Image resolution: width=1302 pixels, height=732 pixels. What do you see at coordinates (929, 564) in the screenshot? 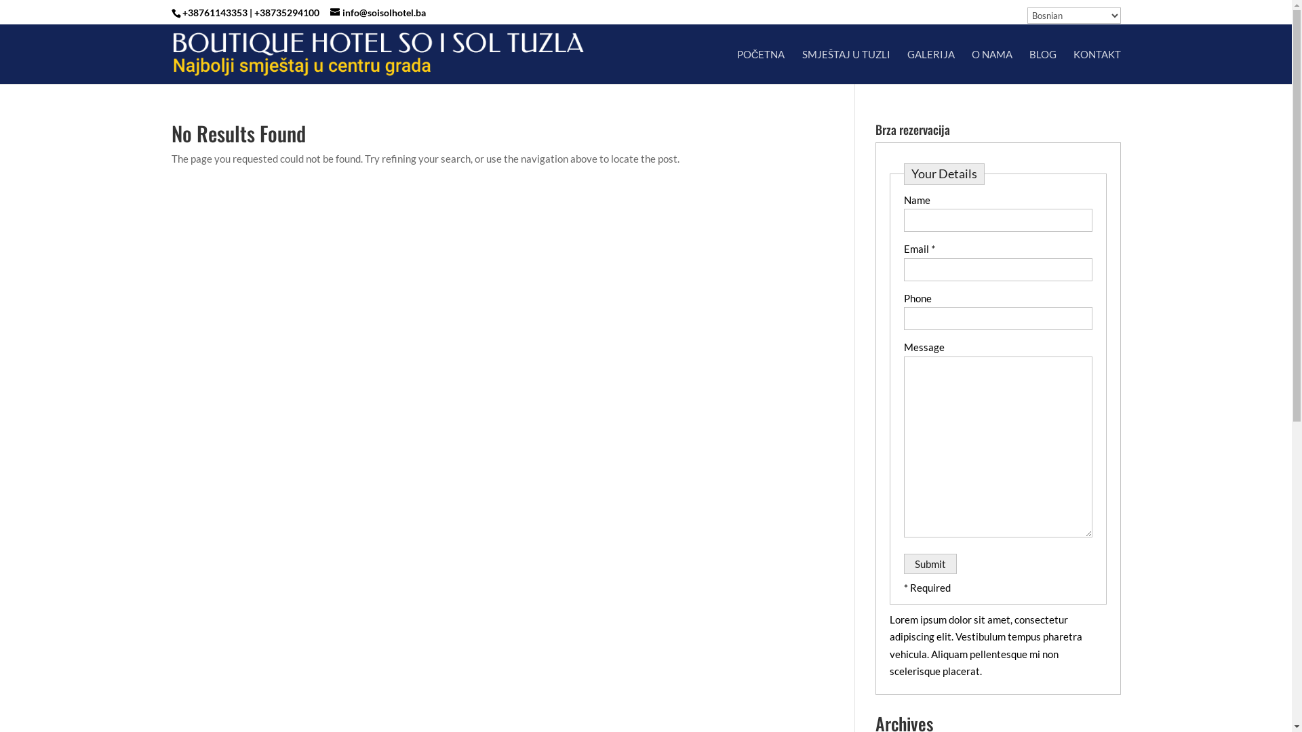
I see `'Submit'` at bounding box center [929, 564].